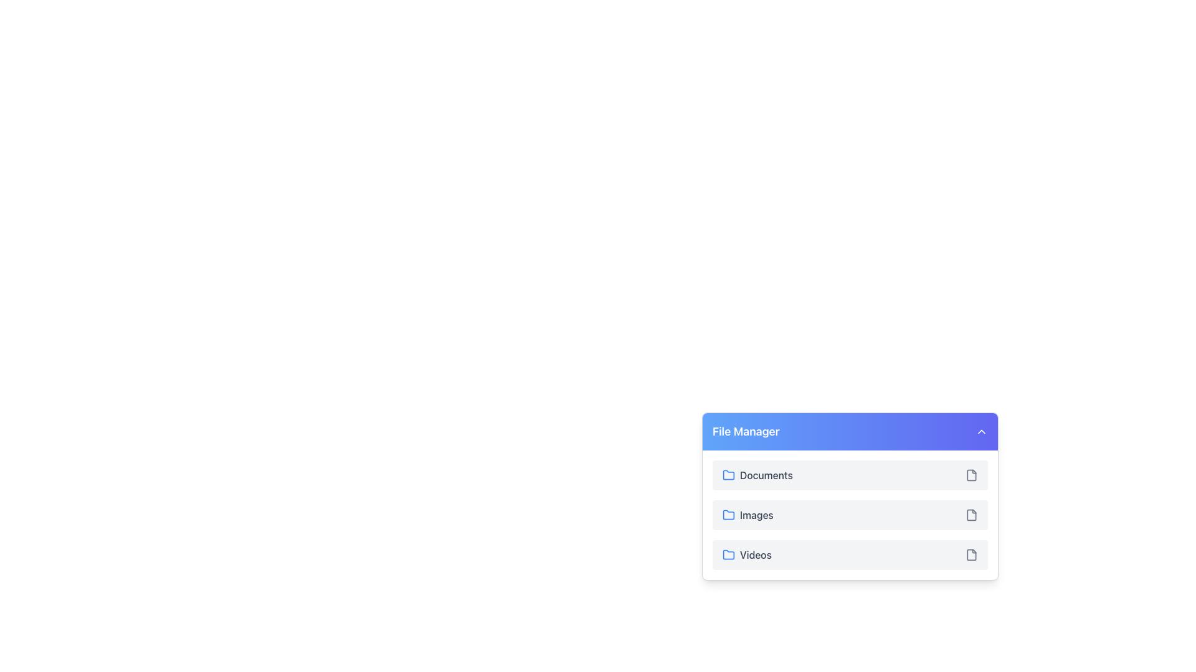  Describe the element at coordinates (729, 475) in the screenshot. I see `the blue outlined manila folder icon located next to the 'Documents' text in the file manager interface` at that location.